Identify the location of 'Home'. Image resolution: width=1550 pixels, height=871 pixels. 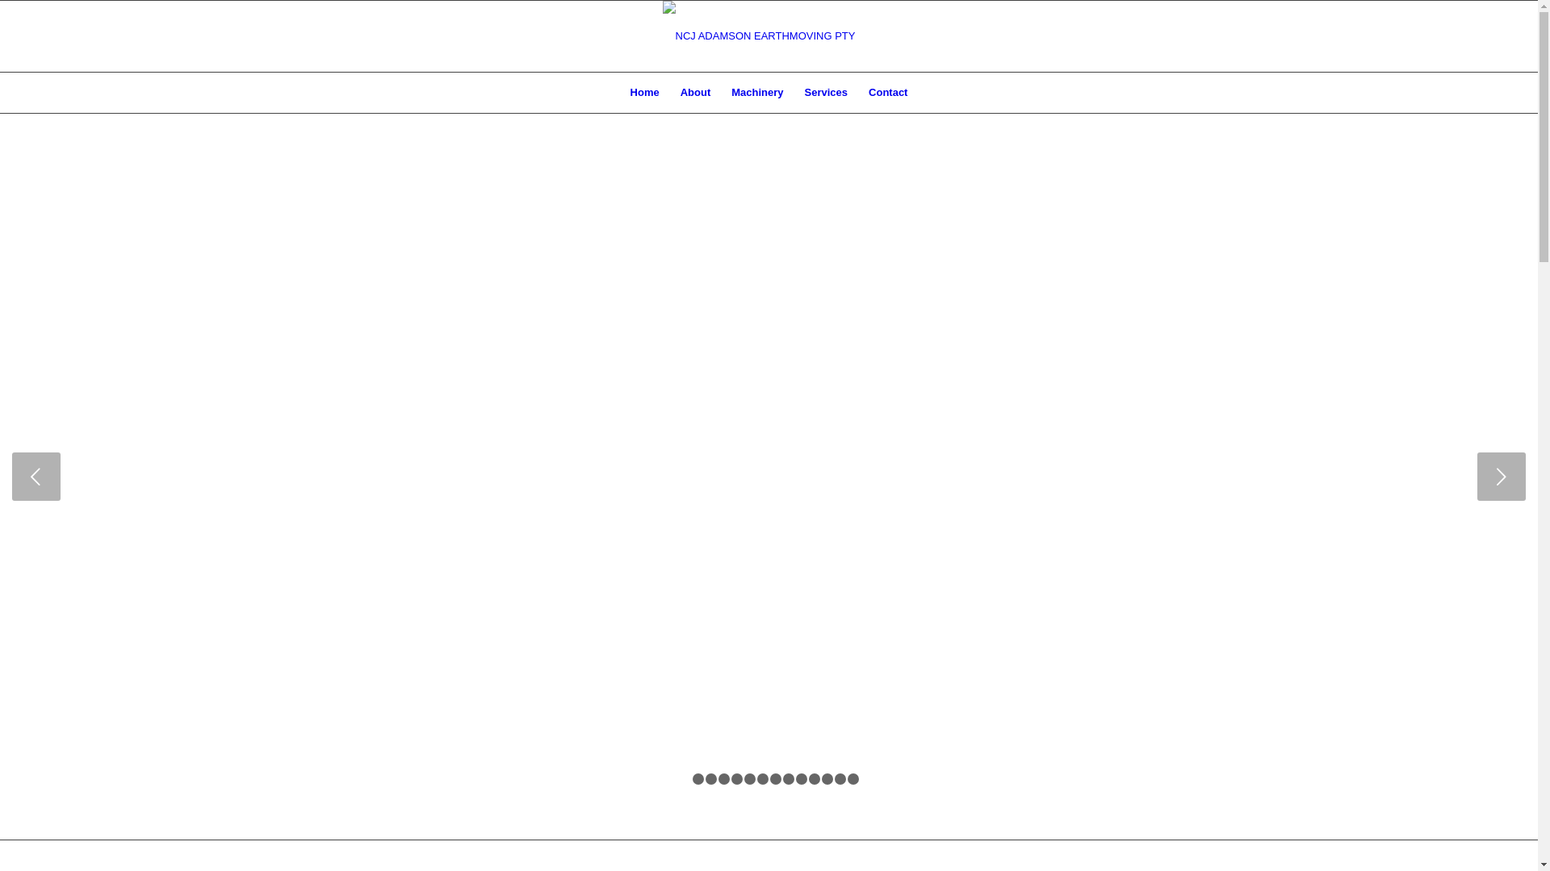
(643, 93).